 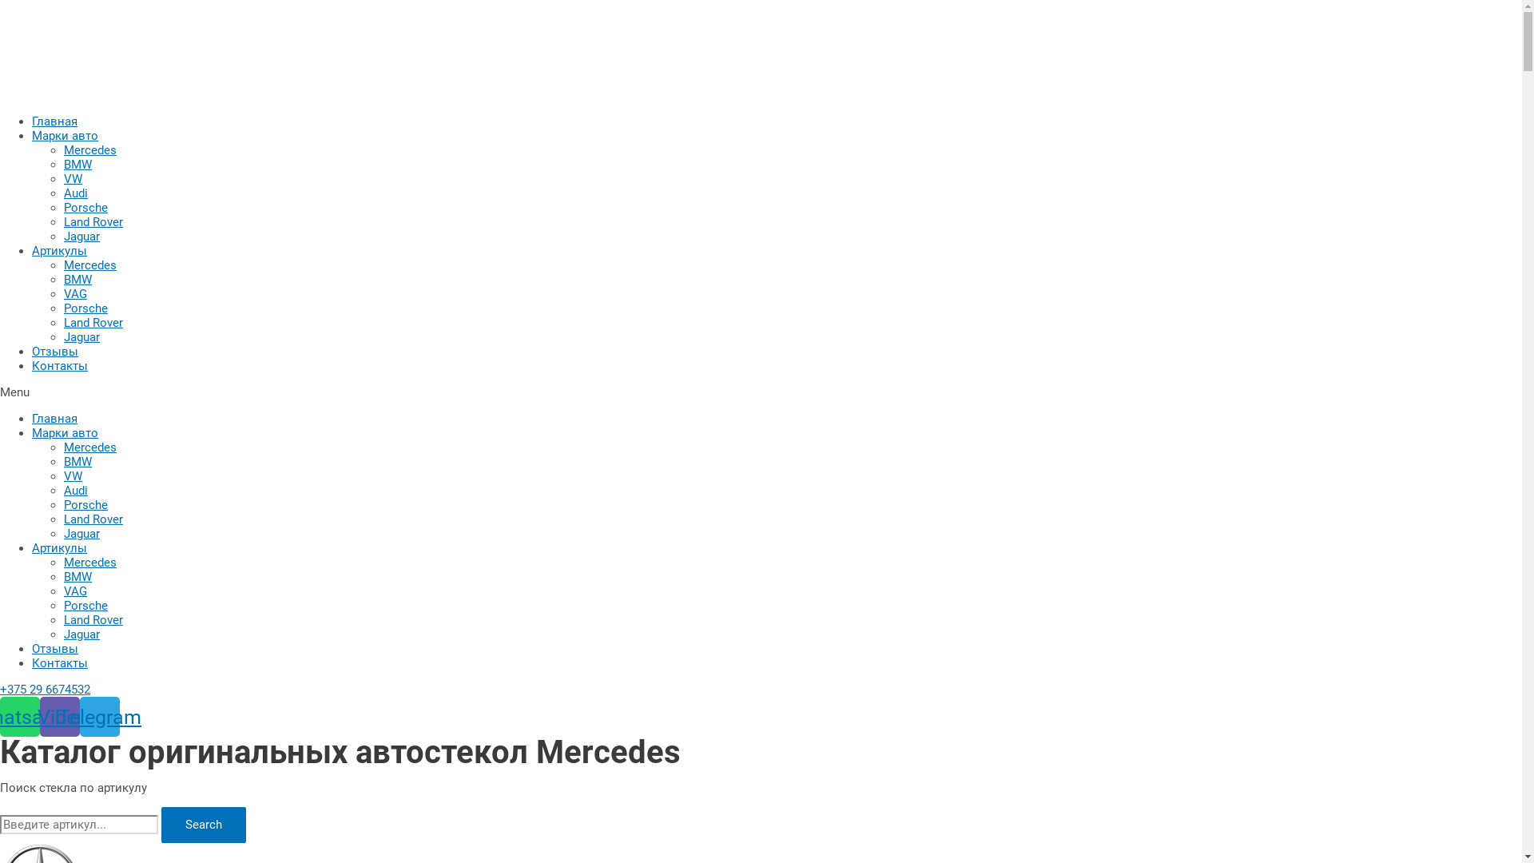 I want to click on 'Search', so click(x=202, y=825).